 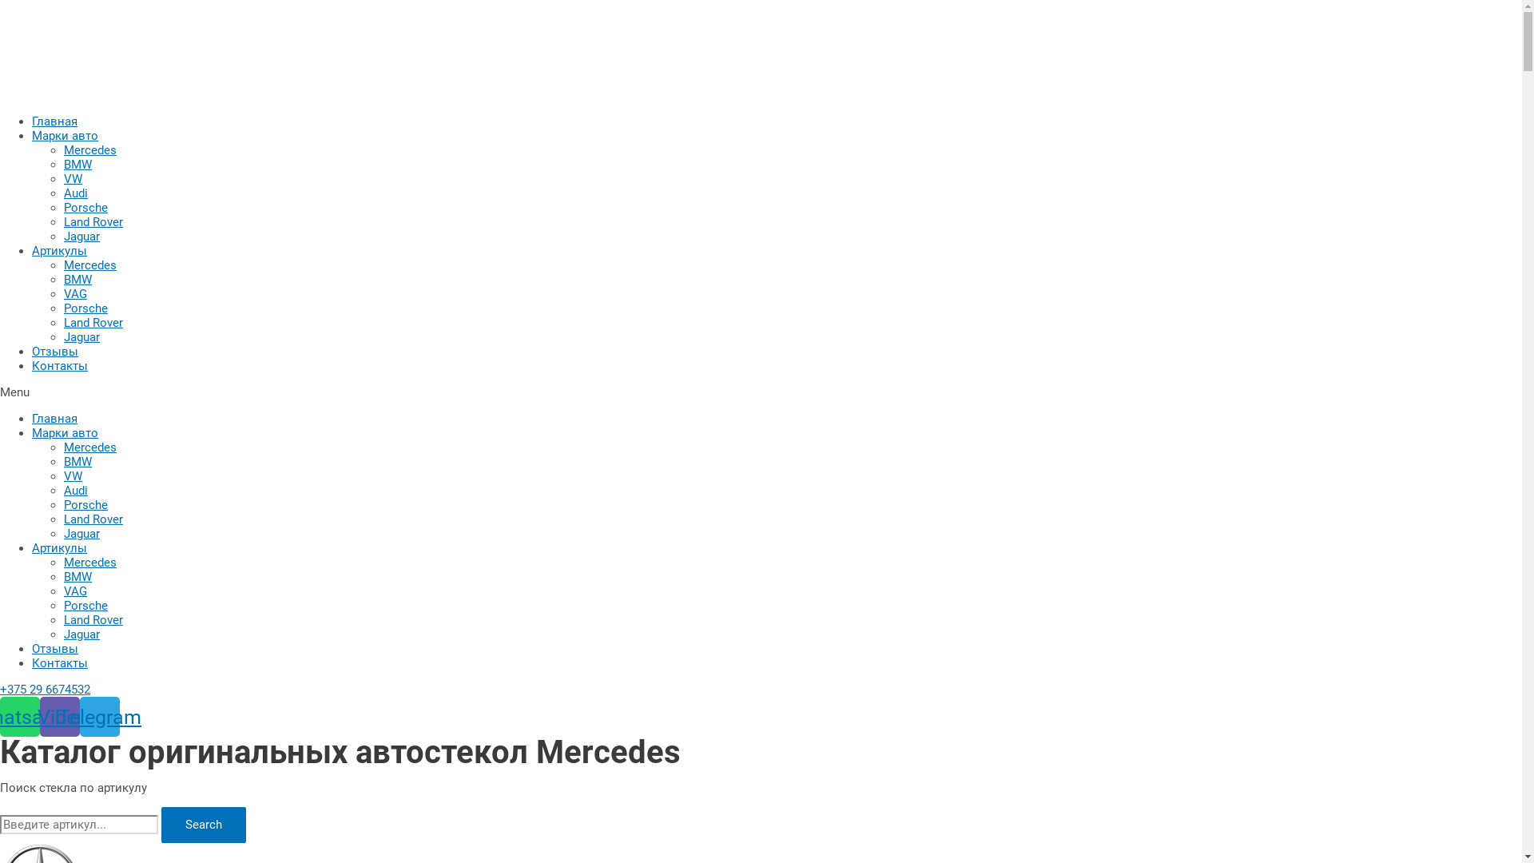 I want to click on 'Search', so click(x=202, y=825).